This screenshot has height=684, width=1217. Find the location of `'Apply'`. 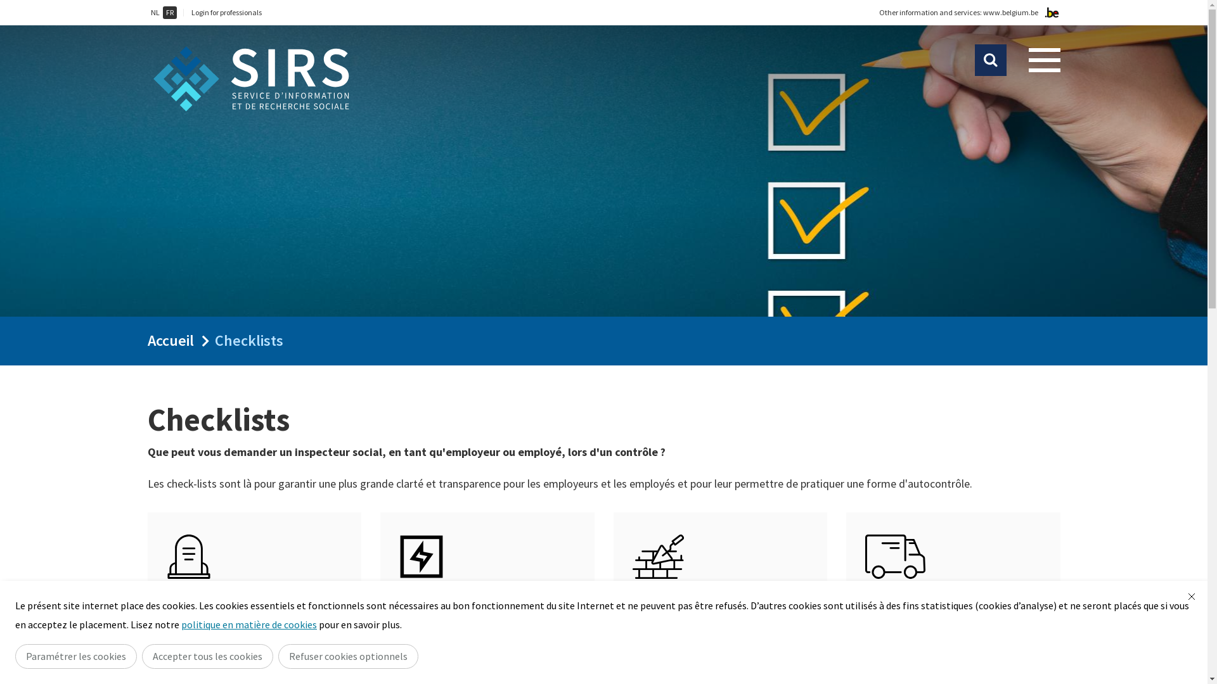

'Apply' is located at coordinates (990, 60).